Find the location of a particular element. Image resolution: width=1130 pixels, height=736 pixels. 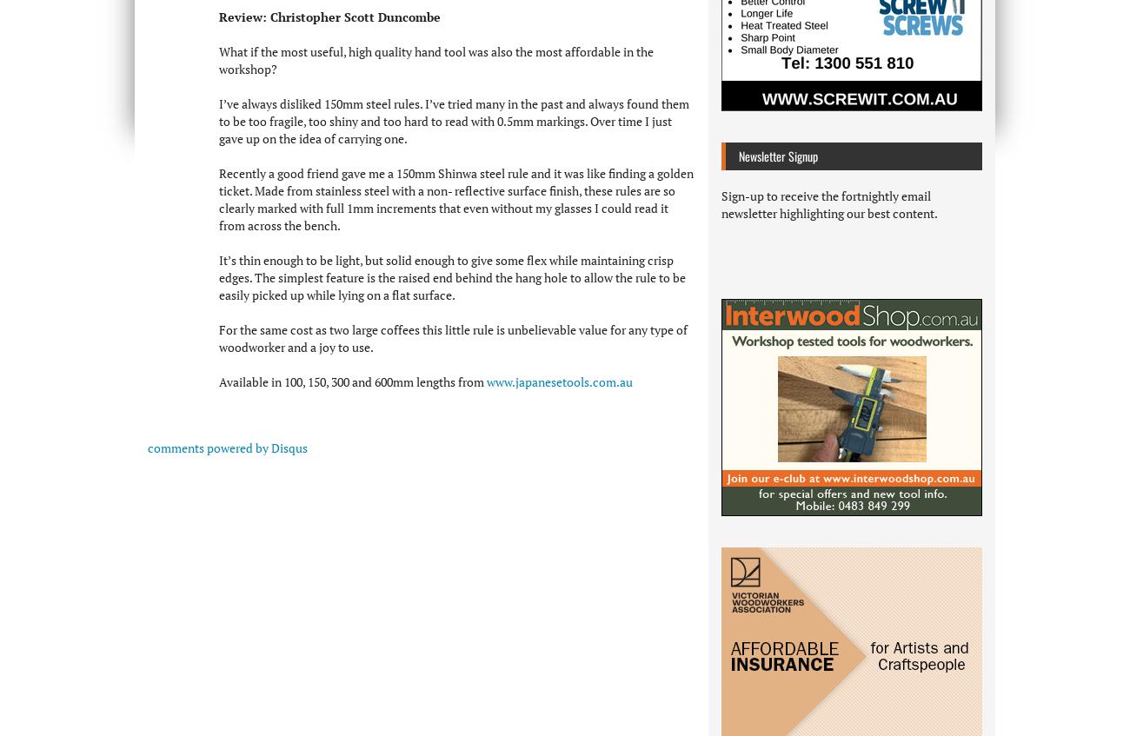

'It’s thin enough to be light, but solid enough to give some flex while maintaining crisp edges. The simplest feature is the raised end behind the hang hole to allow the rule to be easily picked up while lying on a flat surface.' is located at coordinates (452, 276).